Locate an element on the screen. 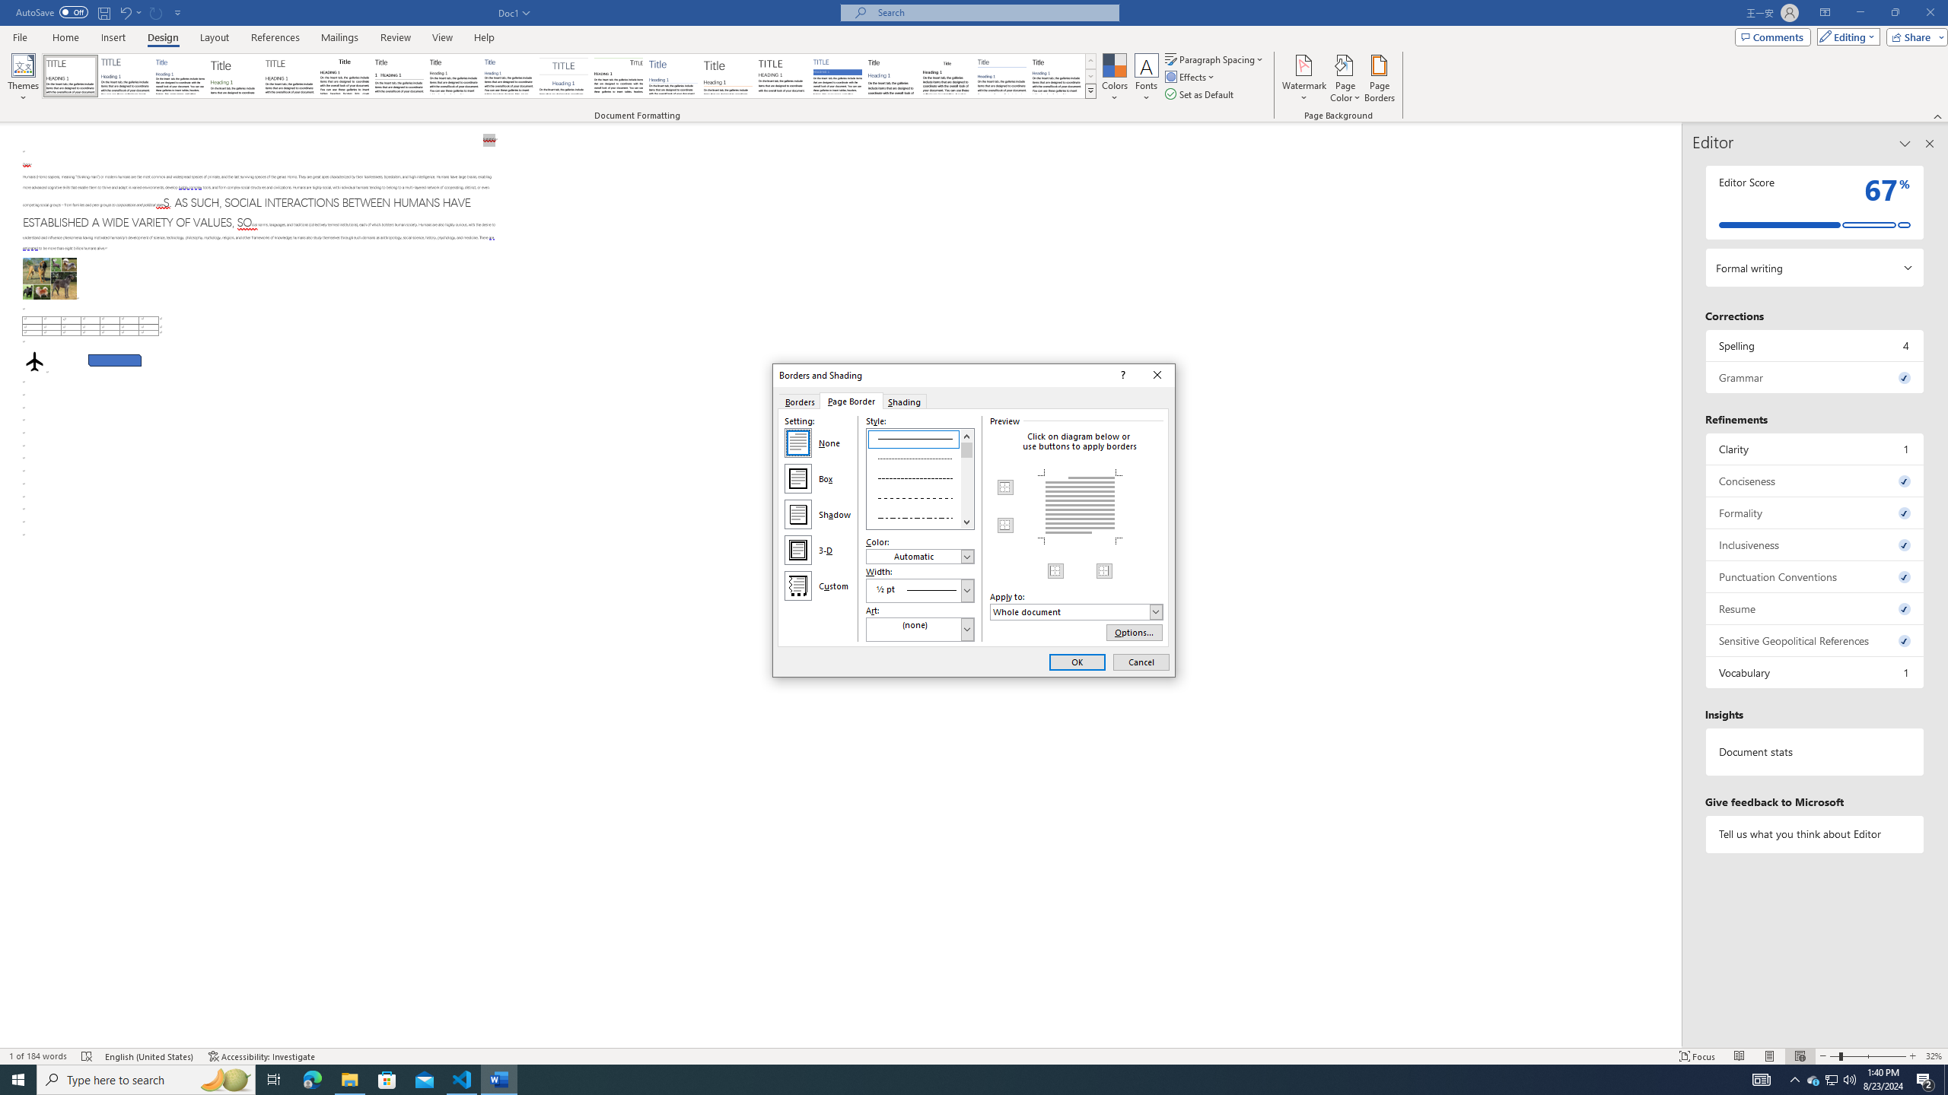 The width and height of the screenshot is (1948, 1095). 'Grammar, 0 issues. Press space or enter to review items.' is located at coordinates (1814, 376).